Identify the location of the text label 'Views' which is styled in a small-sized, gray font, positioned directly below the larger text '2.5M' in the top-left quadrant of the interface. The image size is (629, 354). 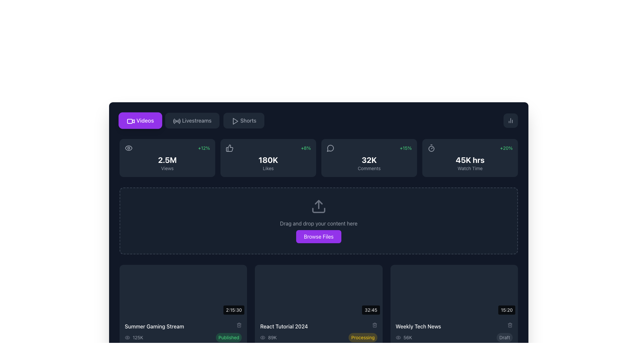
(167, 168).